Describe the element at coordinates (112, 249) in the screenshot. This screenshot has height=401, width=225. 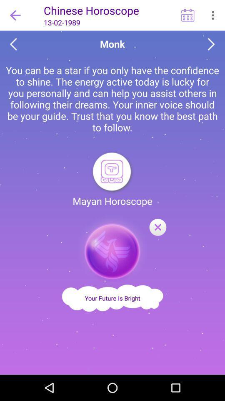
I see `option` at that location.